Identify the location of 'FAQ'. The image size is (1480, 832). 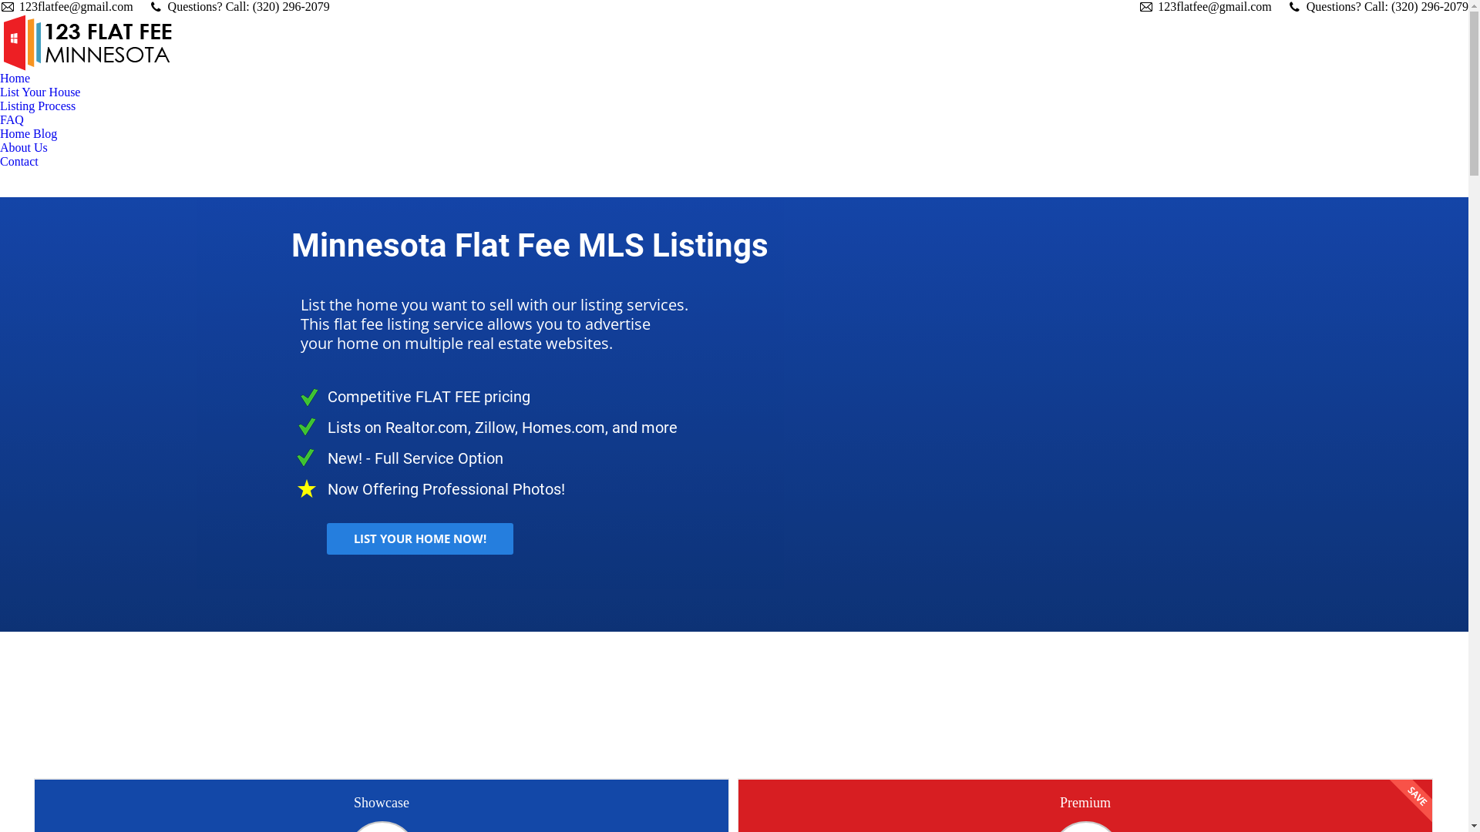
(12, 119).